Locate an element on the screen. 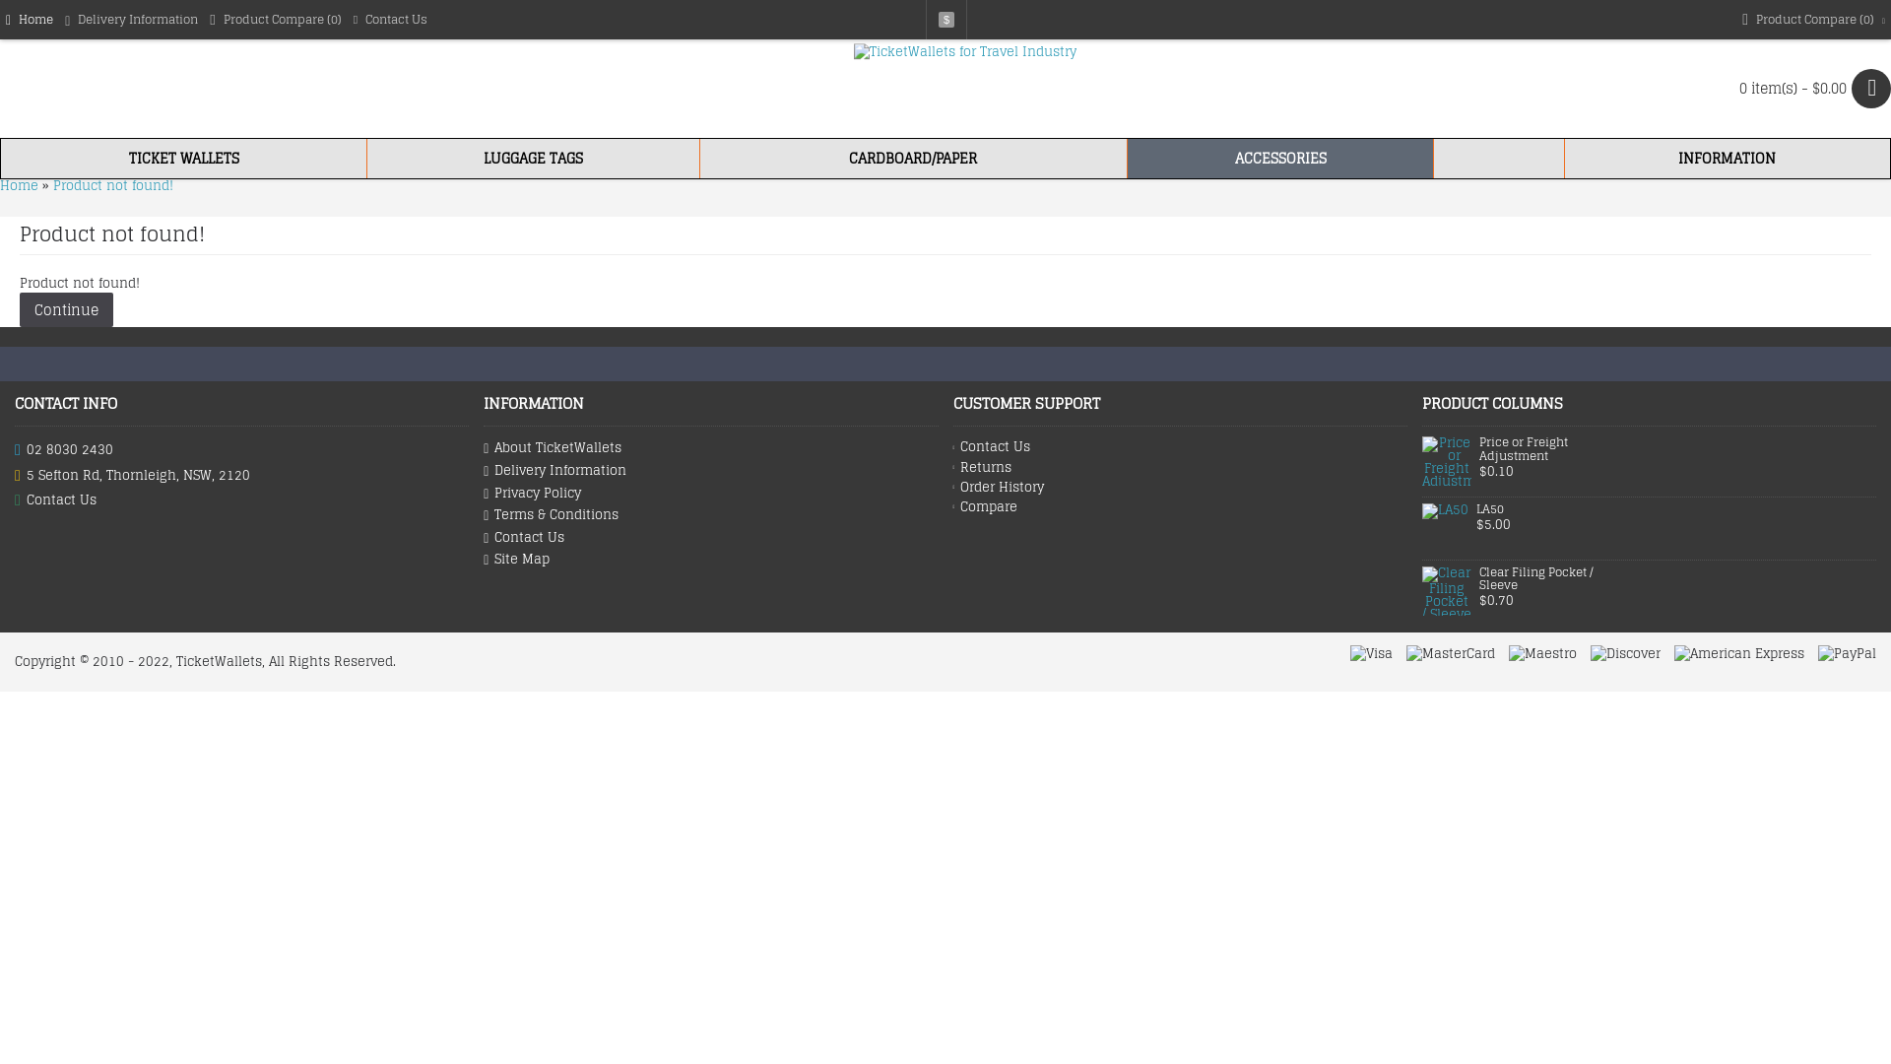 The width and height of the screenshot is (1891, 1064). 'INFORMATION' is located at coordinates (1726, 158).